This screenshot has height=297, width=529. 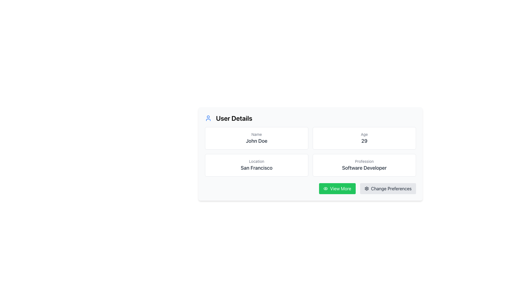 I want to click on the label displaying the text 'Profession', which is styled in gray and positioned above the profession details section, so click(x=364, y=161).